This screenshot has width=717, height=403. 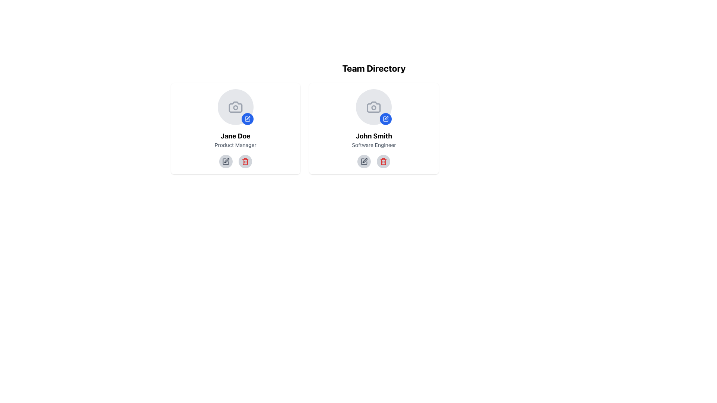 What do you see at coordinates (374, 145) in the screenshot?
I see `the static text reading 'Software Engineer' located below 'John Smith' in the second user profile card` at bounding box center [374, 145].